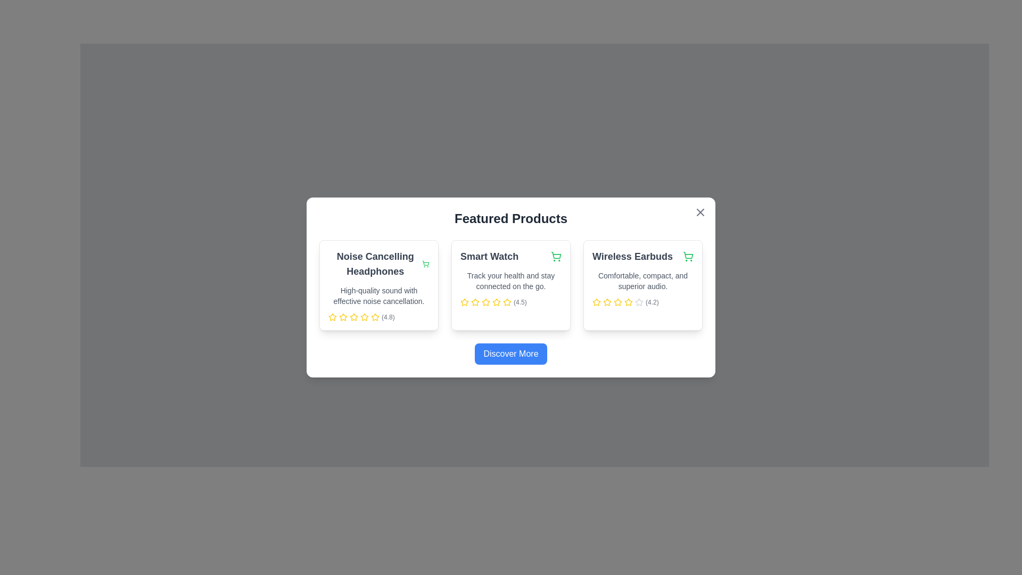 The height and width of the screenshot is (575, 1022). What do you see at coordinates (365, 317) in the screenshot?
I see `the second yellow star in the user rating section of the 'Noise Cancelling Headphones' card` at bounding box center [365, 317].